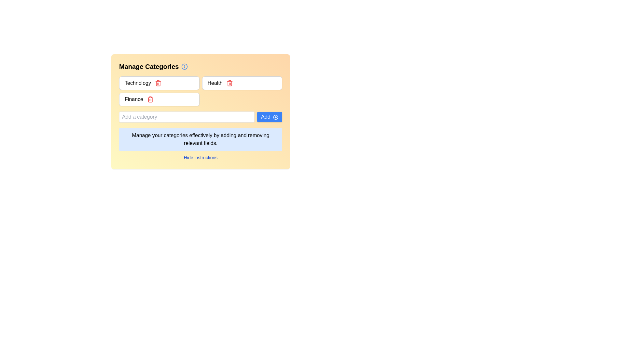 Image resolution: width=625 pixels, height=351 pixels. Describe the element at coordinates (275, 116) in the screenshot. I see `the circle element representing the 'Add' button icon, which is part of an SVG graphic indicating interactivity` at that location.